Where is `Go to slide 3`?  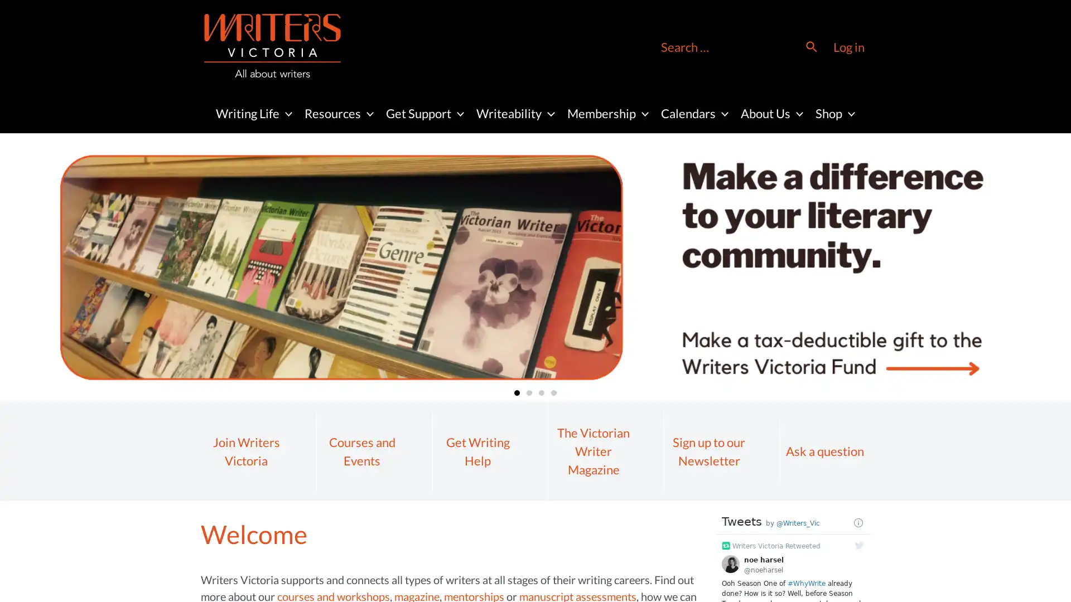 Go to slide 3 is located at coordinates (541, 392).